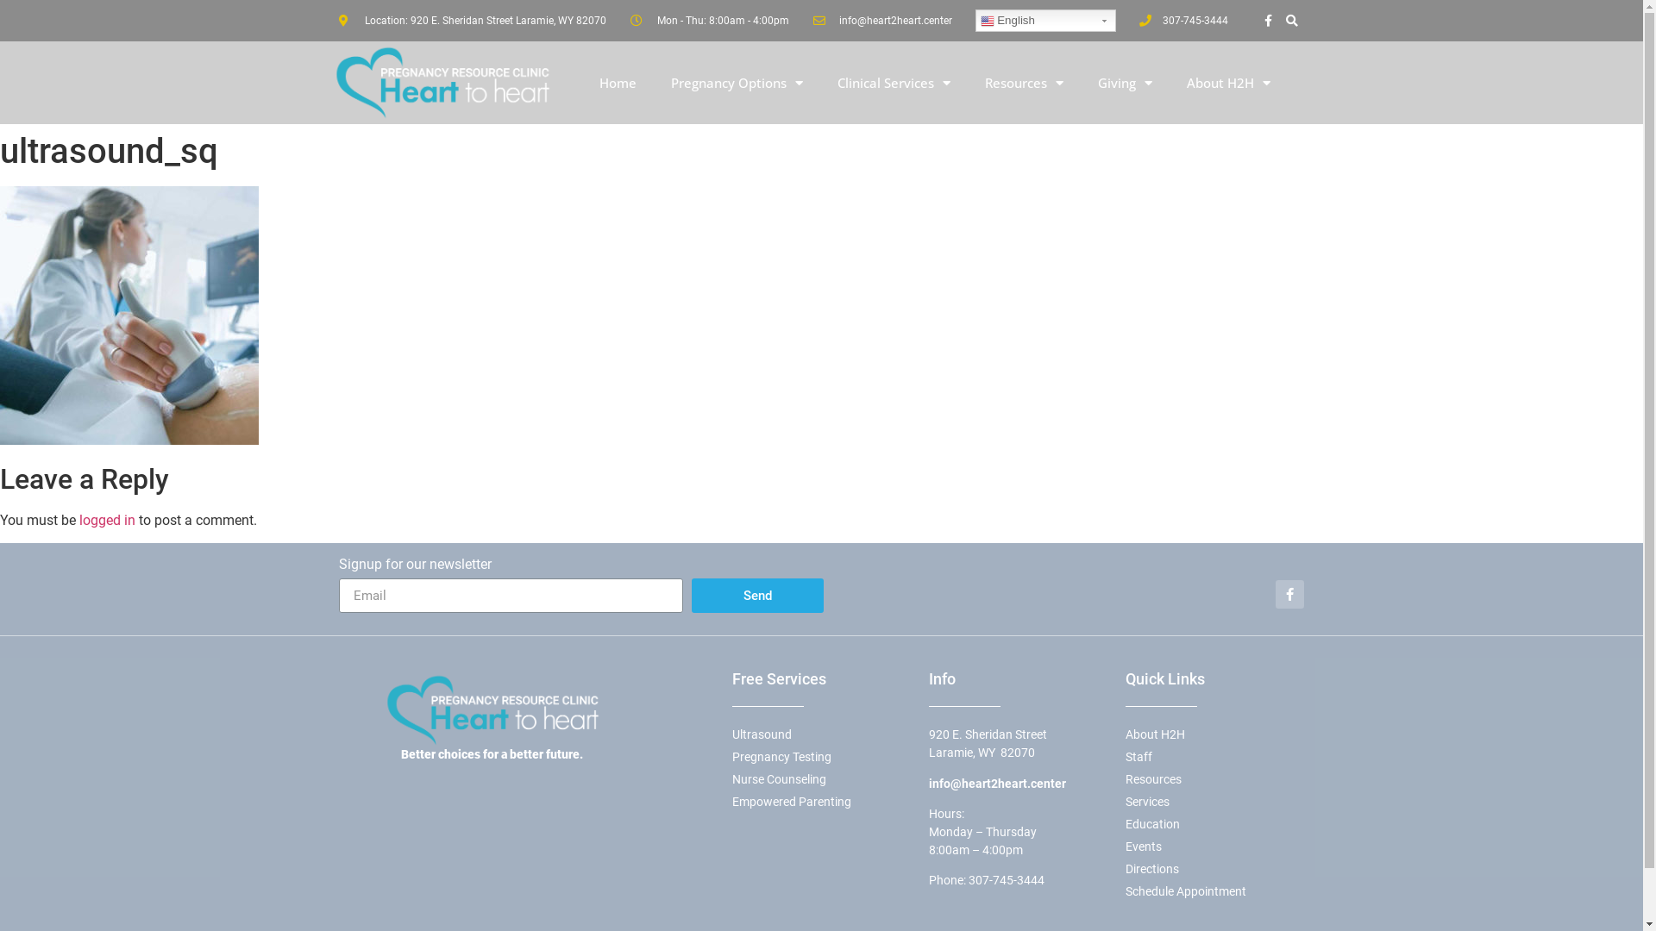 The image size is (1656, 931). Describe the element at coordinates (618, 83) in the screenshot. I see `'Home'` at that location.